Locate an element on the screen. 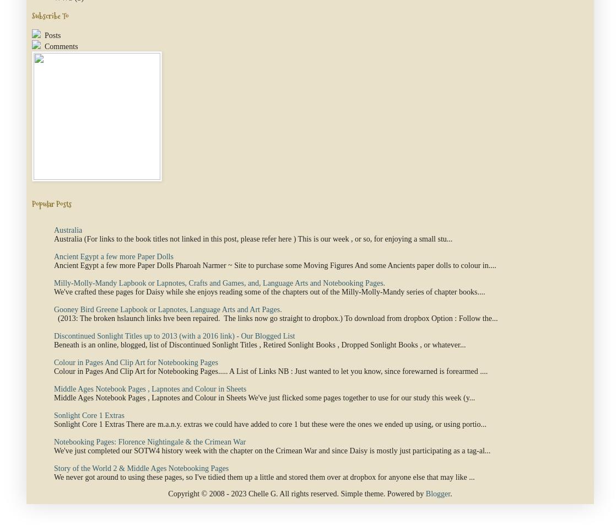 The height and width of the screenshot is (530, 616). '(2013: The broken hslaunch links hve been repaired.  The links now go straight to dropbox.)  To download from dropbox  Option : Follow the...' is located at coordinates (54, 318).